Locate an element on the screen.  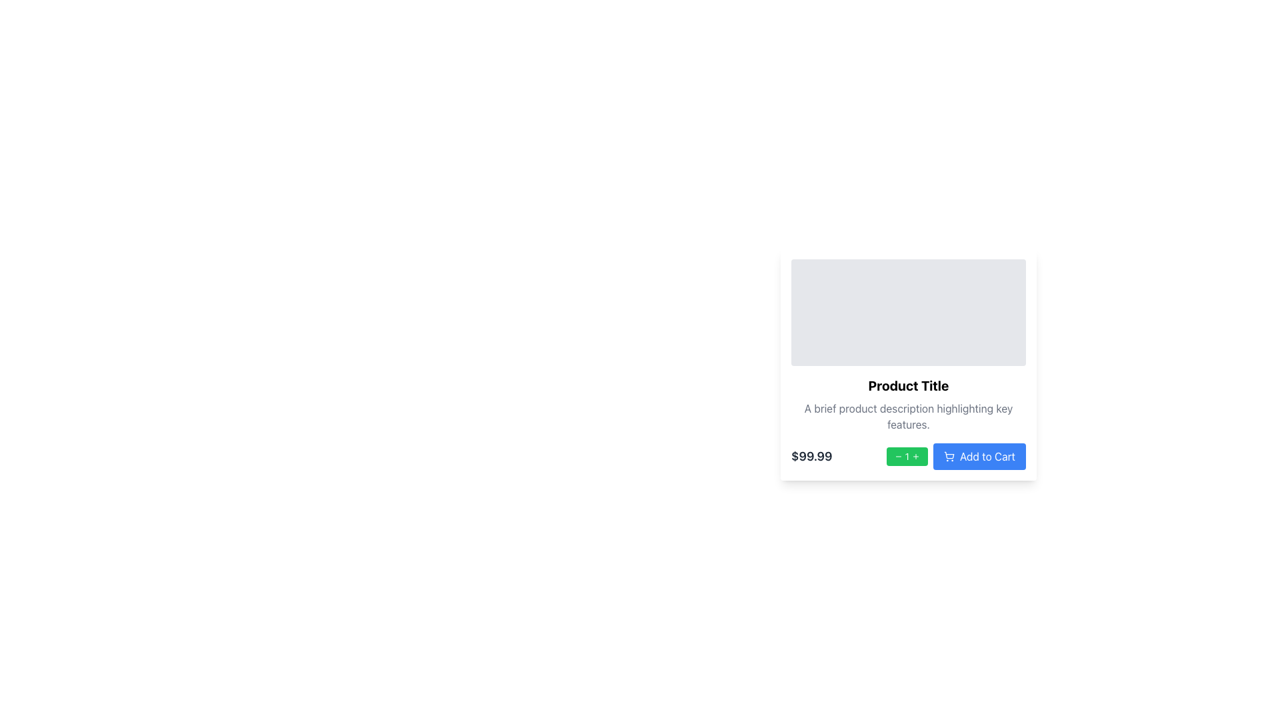
text from the Text Label that provides a concise description of the product, positioned beneath the title text and above the pricing section is located at coordinates (908, 415).